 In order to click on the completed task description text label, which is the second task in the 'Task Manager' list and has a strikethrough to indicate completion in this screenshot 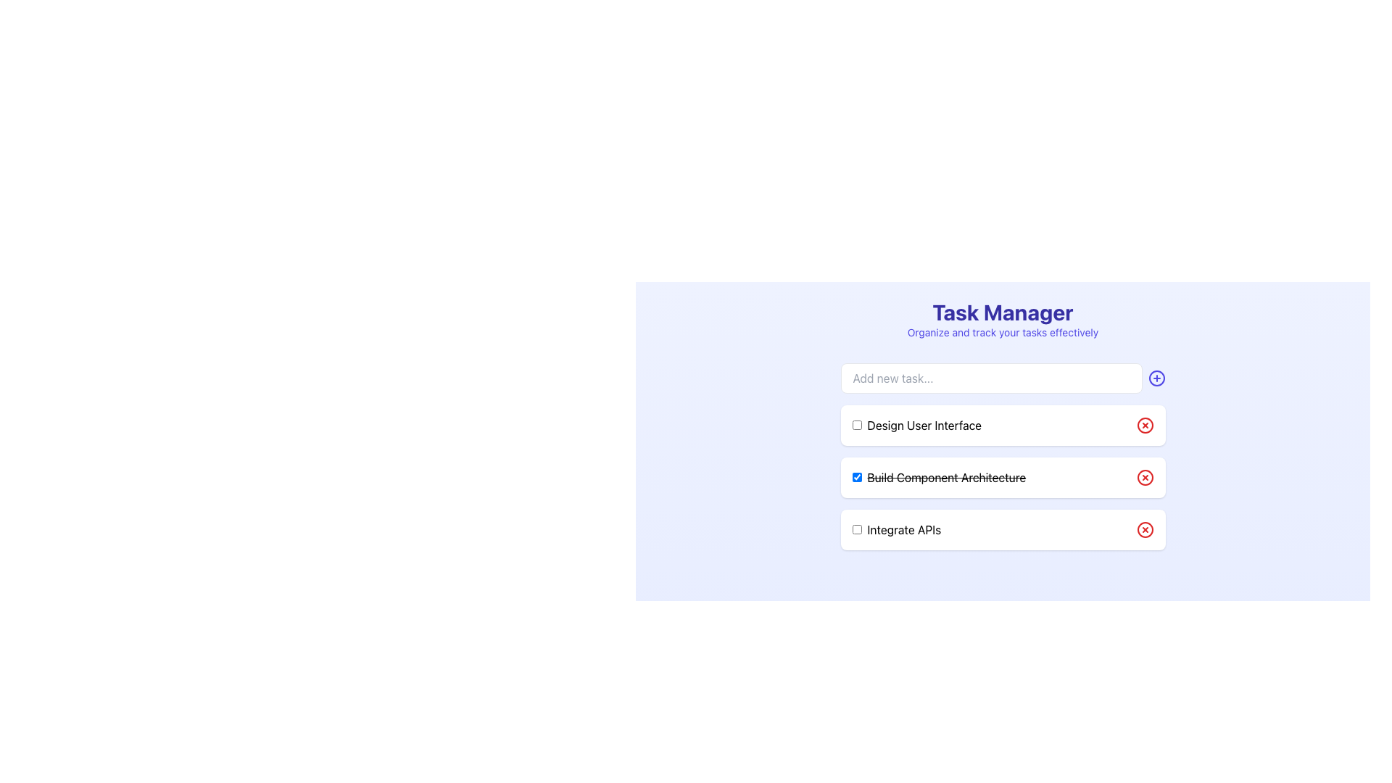, I will do `click(946, 478)`.